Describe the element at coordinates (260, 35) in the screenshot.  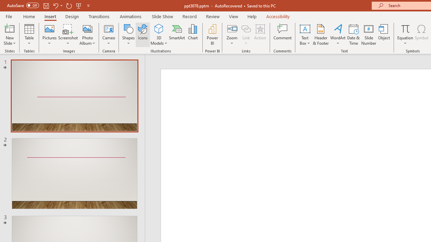
I see `'Action'` at that location.